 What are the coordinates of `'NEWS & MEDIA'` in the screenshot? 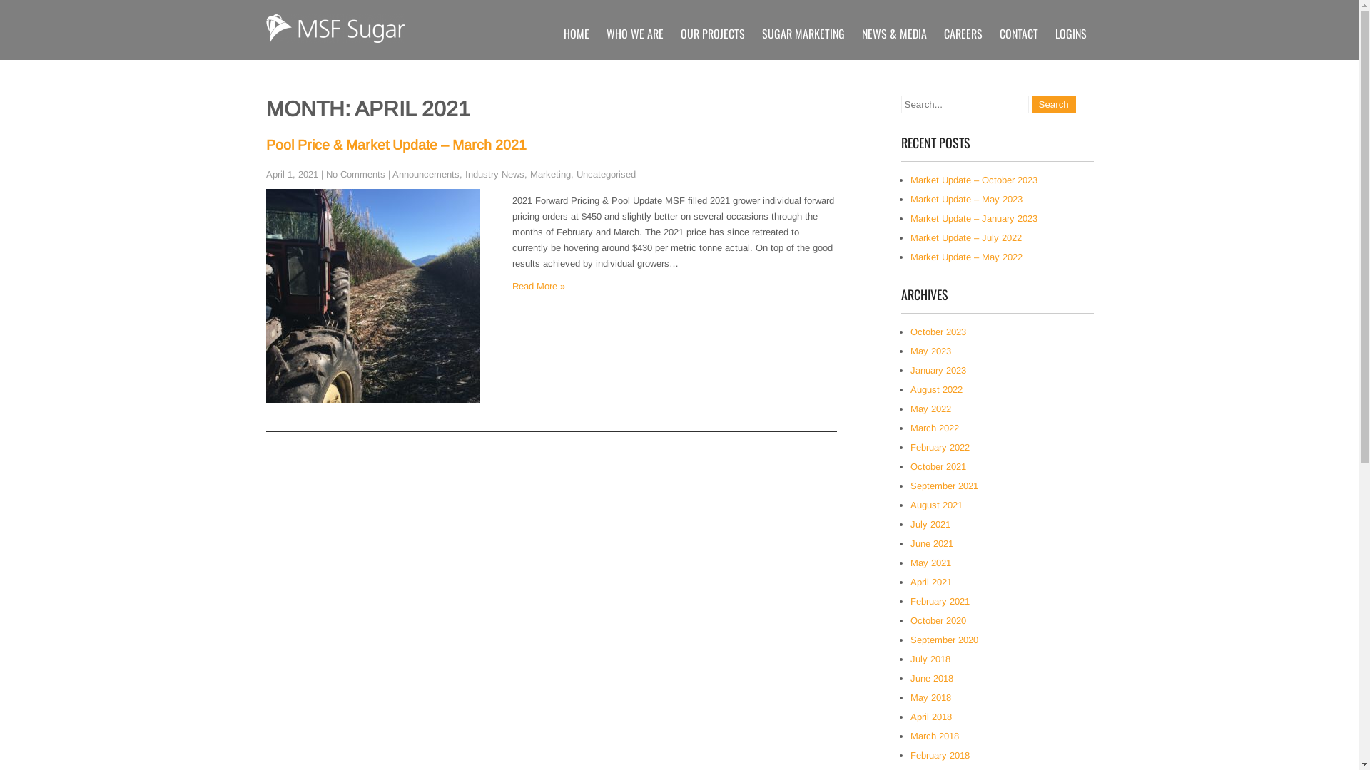 It's located at (893, 32).